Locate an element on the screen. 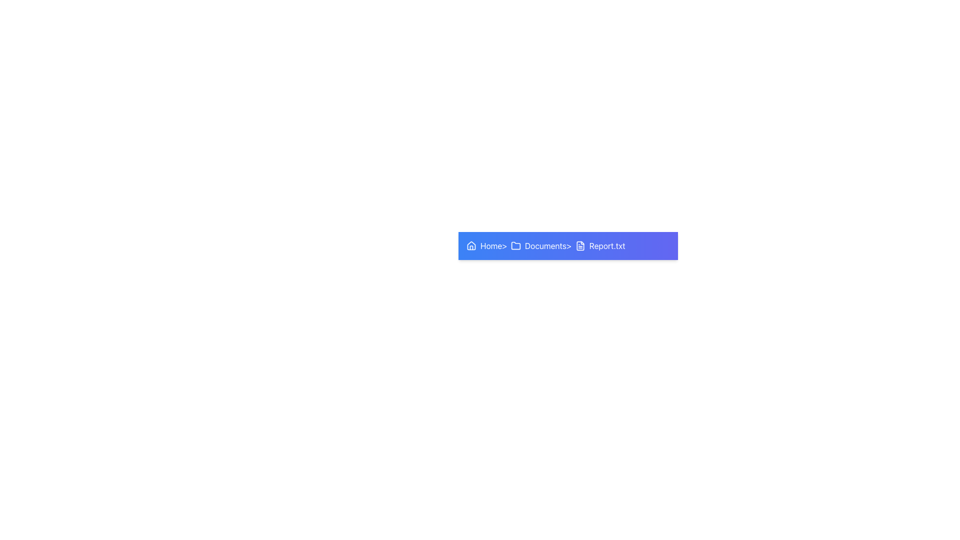  the folder icon in the navigation bar is located at coordinates (516, 246).